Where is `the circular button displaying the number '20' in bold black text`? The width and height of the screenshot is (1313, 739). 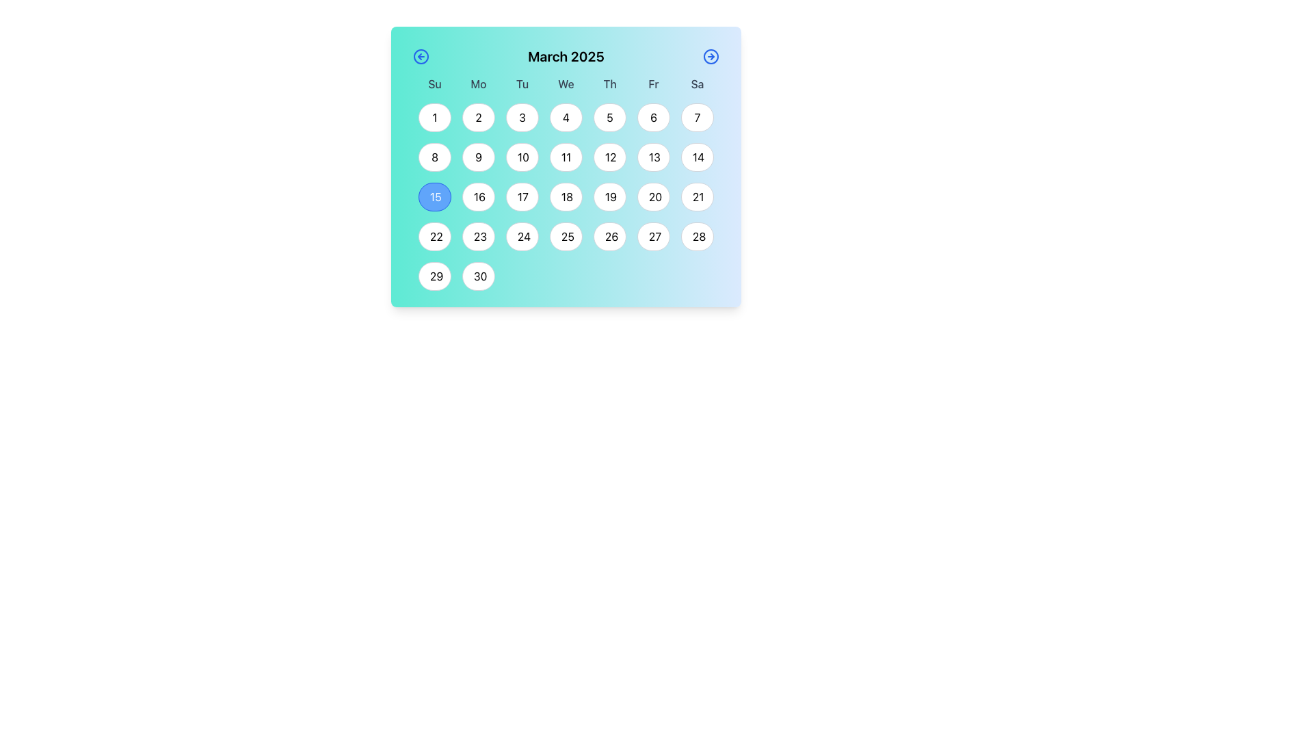 the circular button displaying the number '20' in bold black text is located at coordinates (652, 197).